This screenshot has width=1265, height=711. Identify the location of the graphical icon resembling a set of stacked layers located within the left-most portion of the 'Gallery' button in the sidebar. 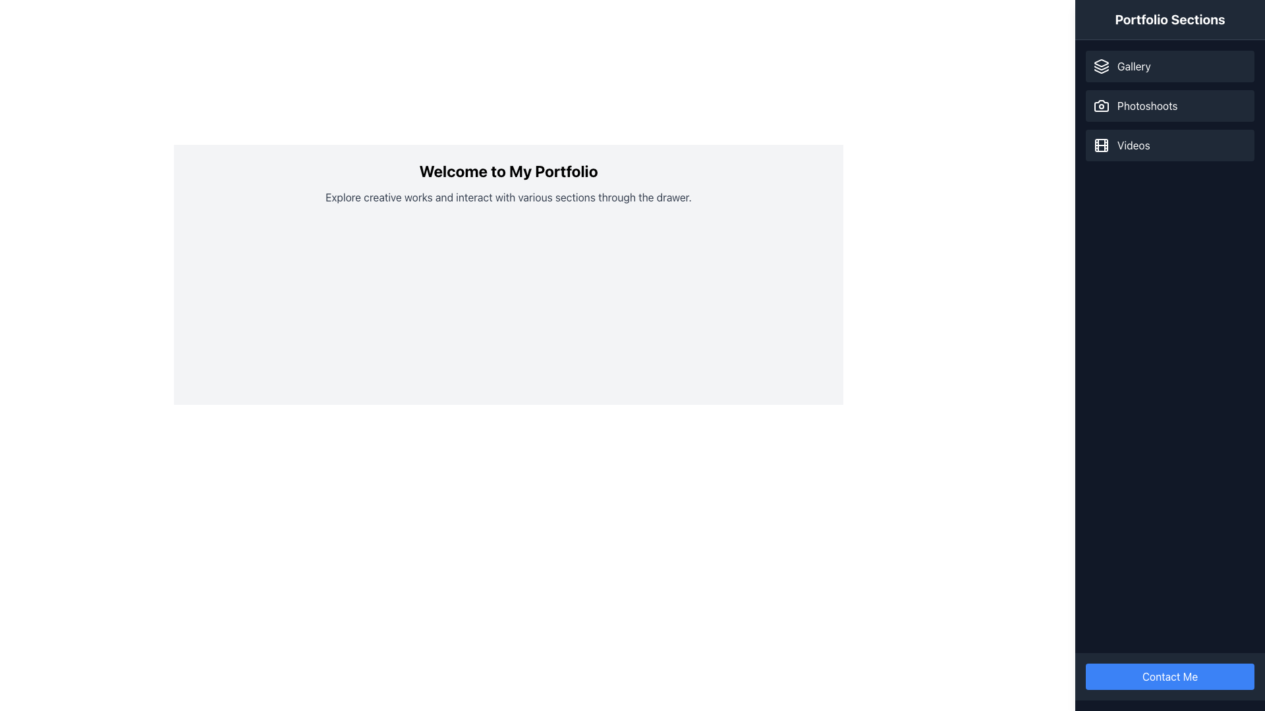
(1101, 66).